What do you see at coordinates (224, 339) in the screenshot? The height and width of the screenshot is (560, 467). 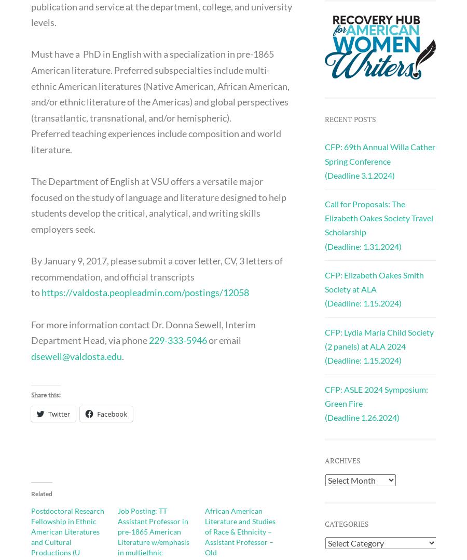 I see `'or email'` at bounding box center [224, 339].